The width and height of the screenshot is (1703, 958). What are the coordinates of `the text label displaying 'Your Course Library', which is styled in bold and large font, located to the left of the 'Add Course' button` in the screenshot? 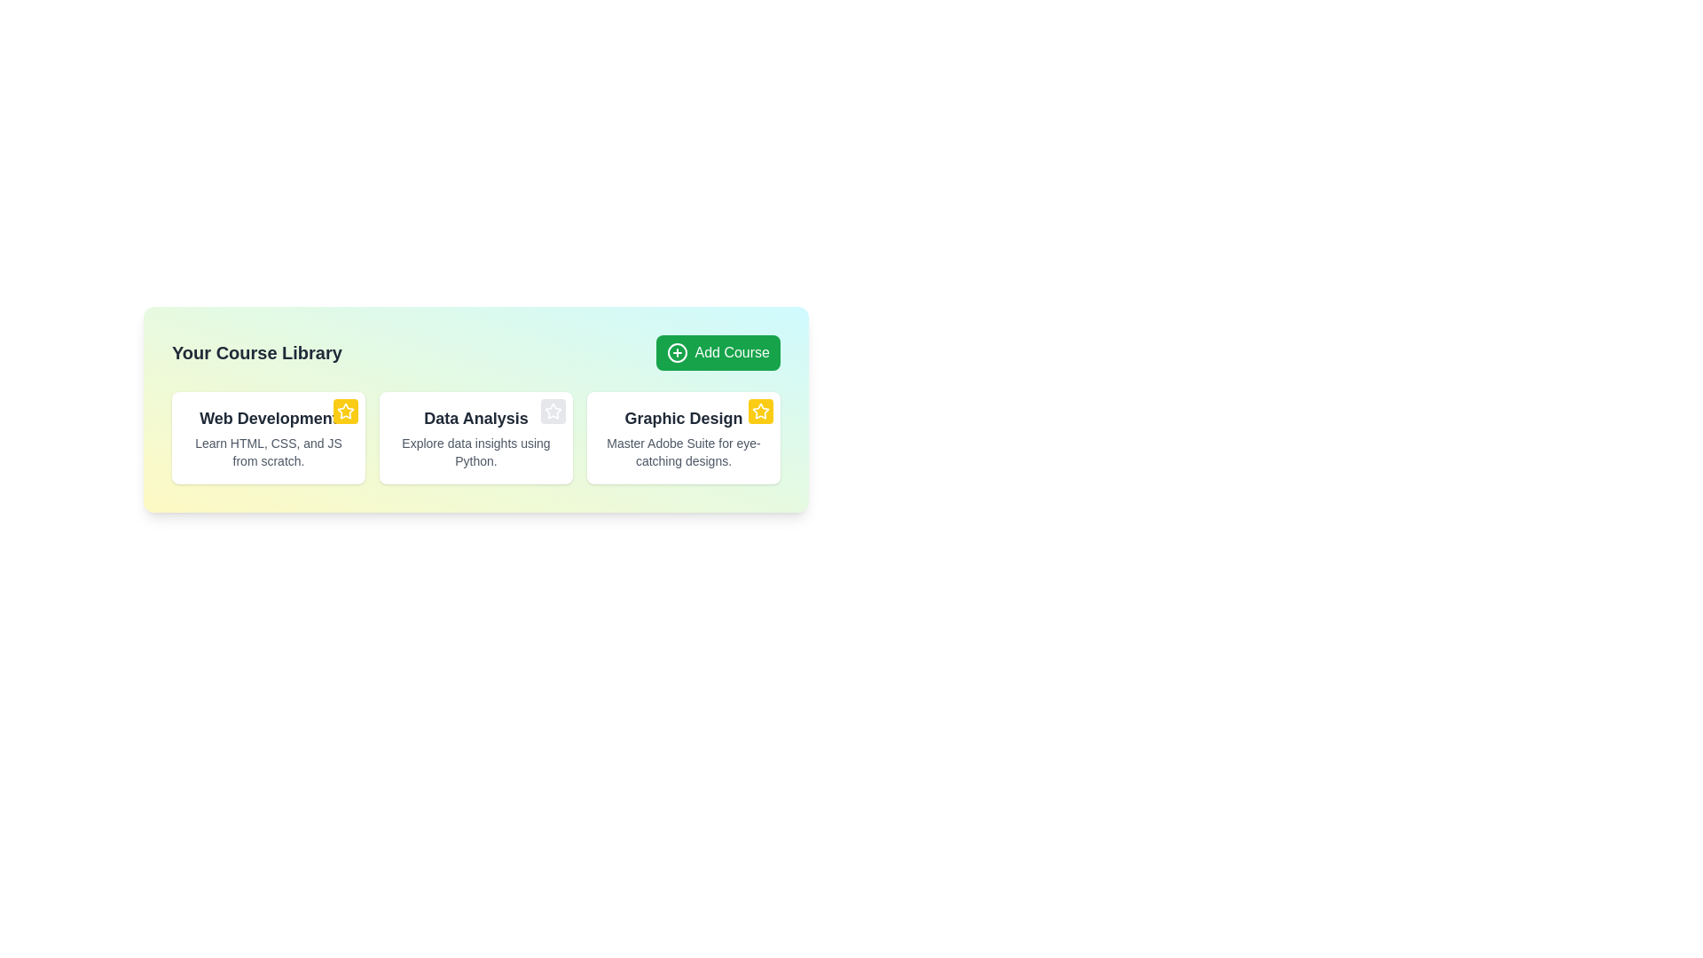 It's located at (255, 352).